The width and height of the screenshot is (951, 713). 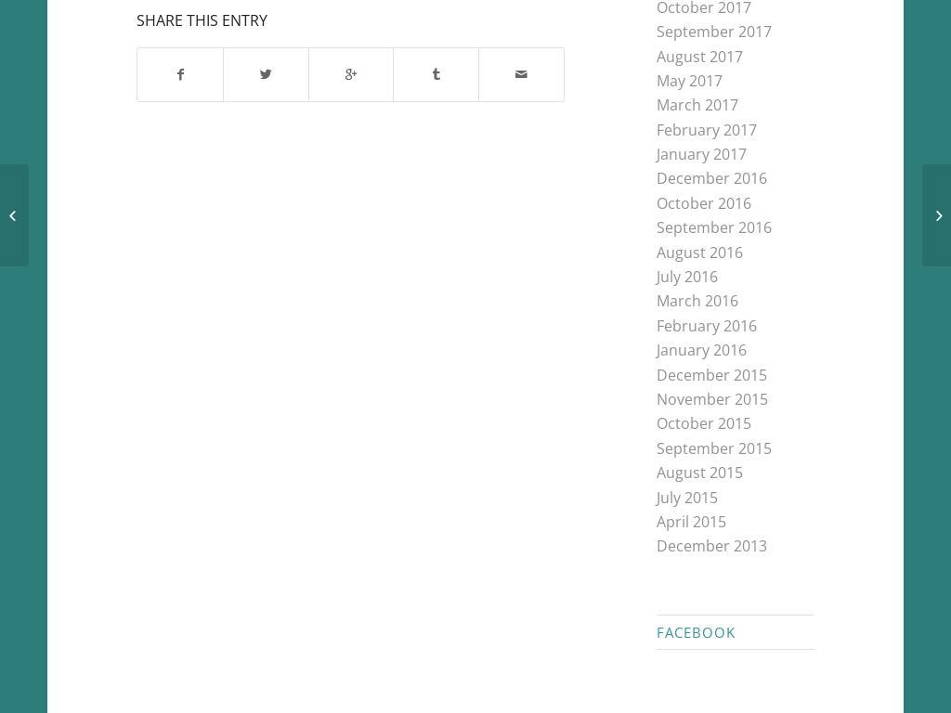 I want to click on 'October 2016', so click(x=702, y=201).